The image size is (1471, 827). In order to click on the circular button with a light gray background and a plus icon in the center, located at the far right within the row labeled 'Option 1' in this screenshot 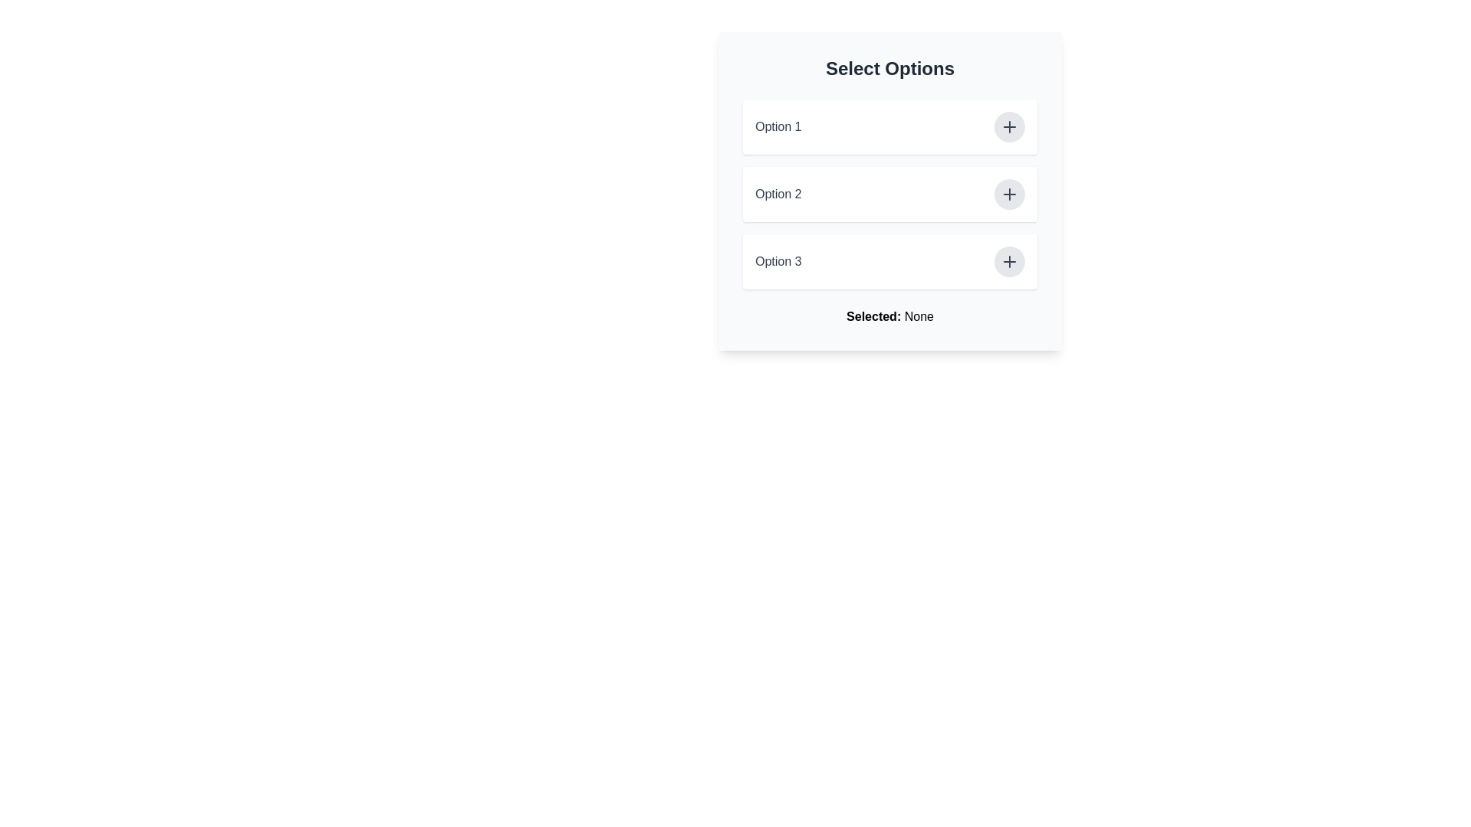, I will do `click(1010, 126)`.